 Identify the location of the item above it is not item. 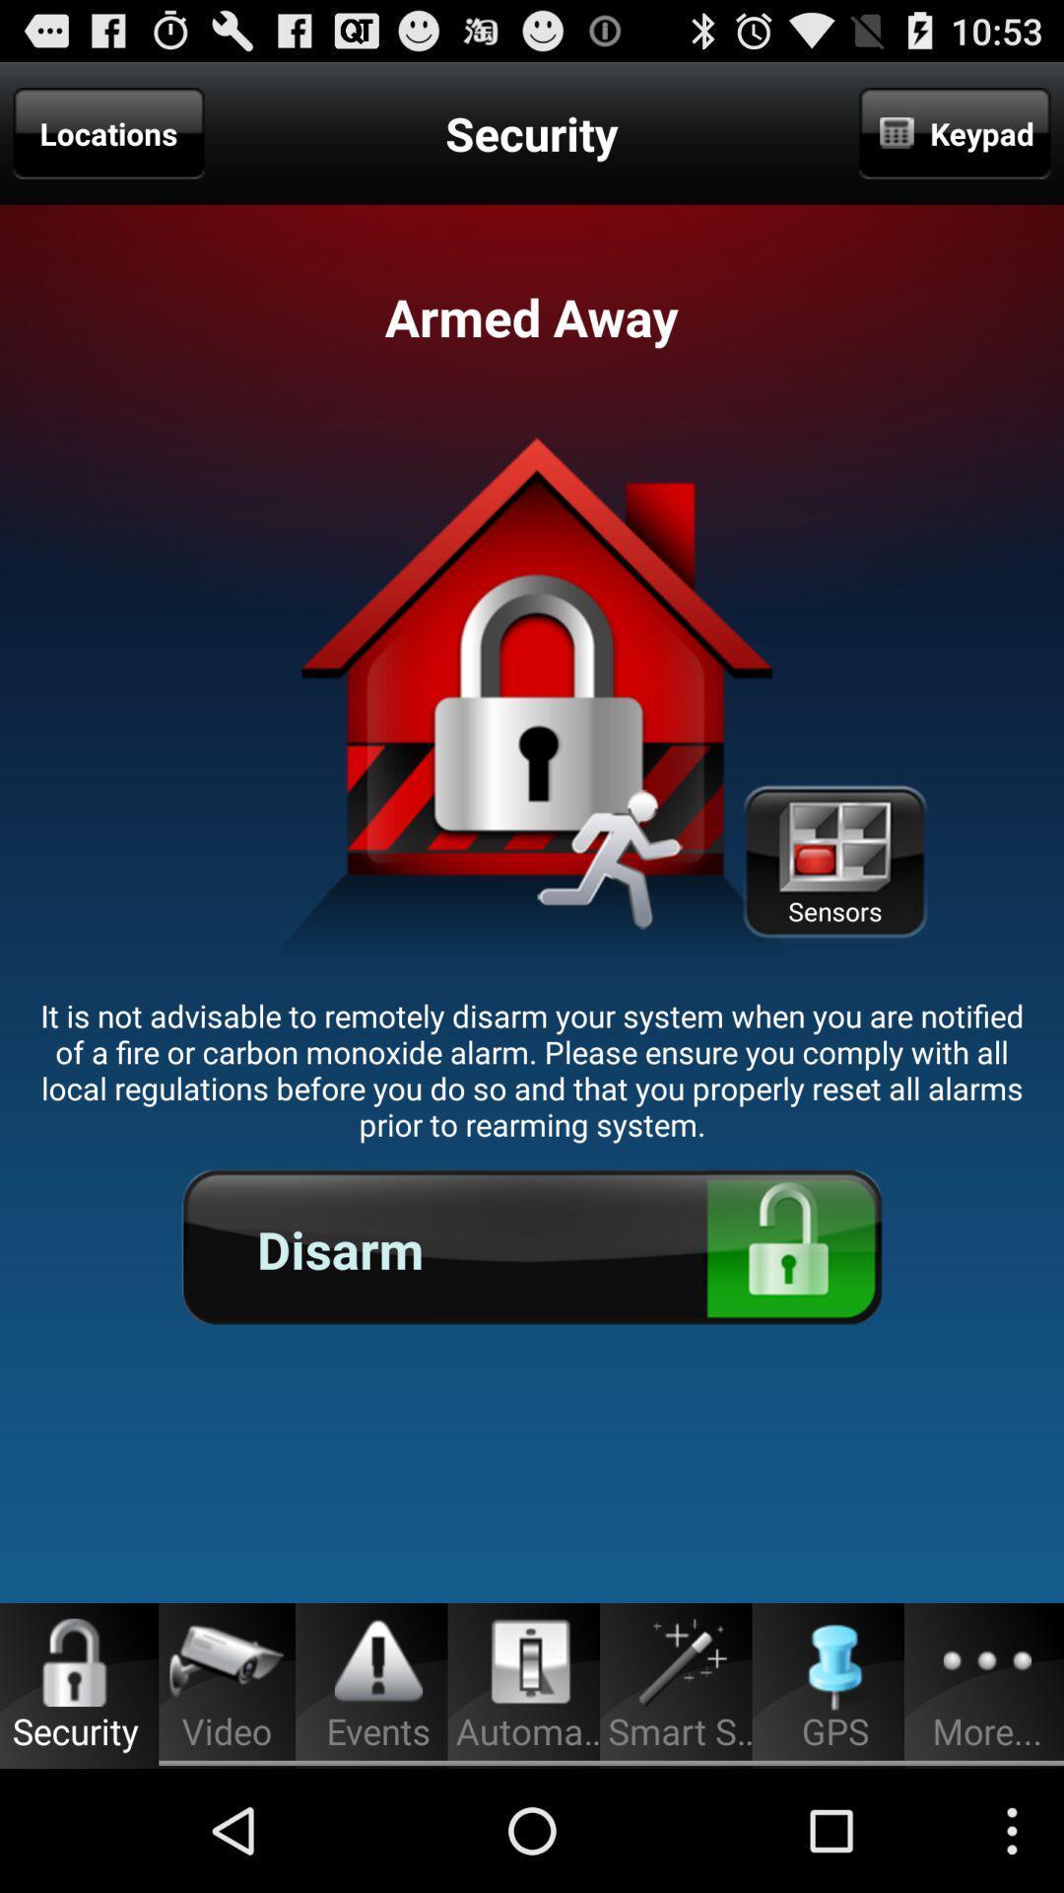
(834, 862).